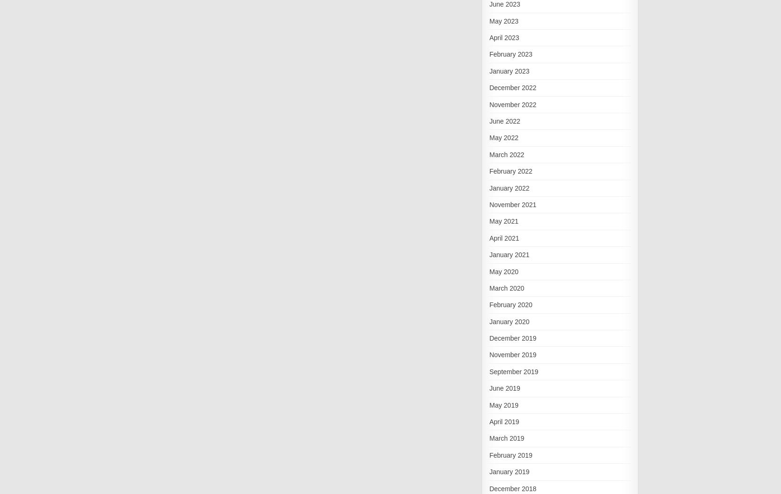 The image size is (781, 494). I want to click on 'January 2020', so click(509, 320).